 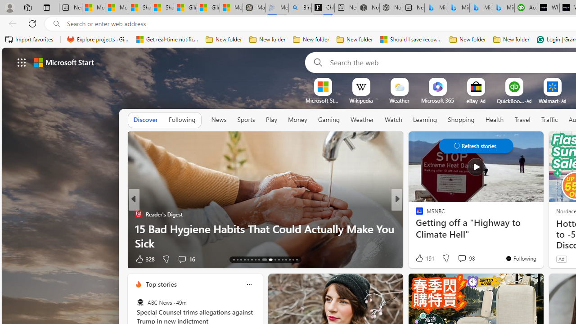 I want to click on 'ETNT Mind+Body', so click(x=415, y=214).